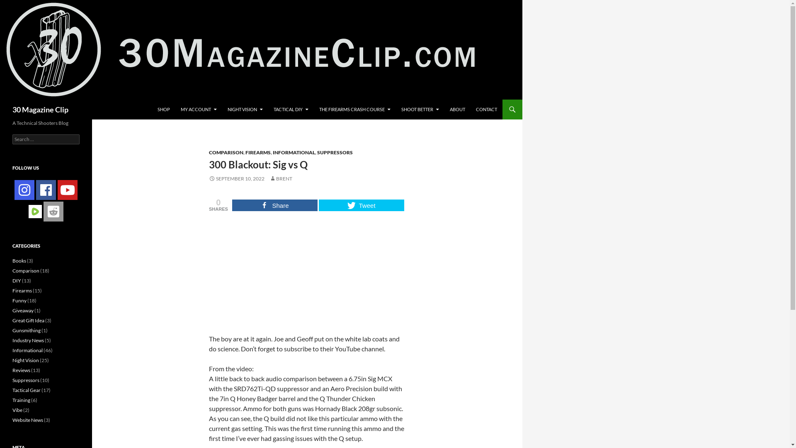 The width and height of the screenshot is (796, 448). I want to click on 'SHOOT BETTER', so click(420, 109).